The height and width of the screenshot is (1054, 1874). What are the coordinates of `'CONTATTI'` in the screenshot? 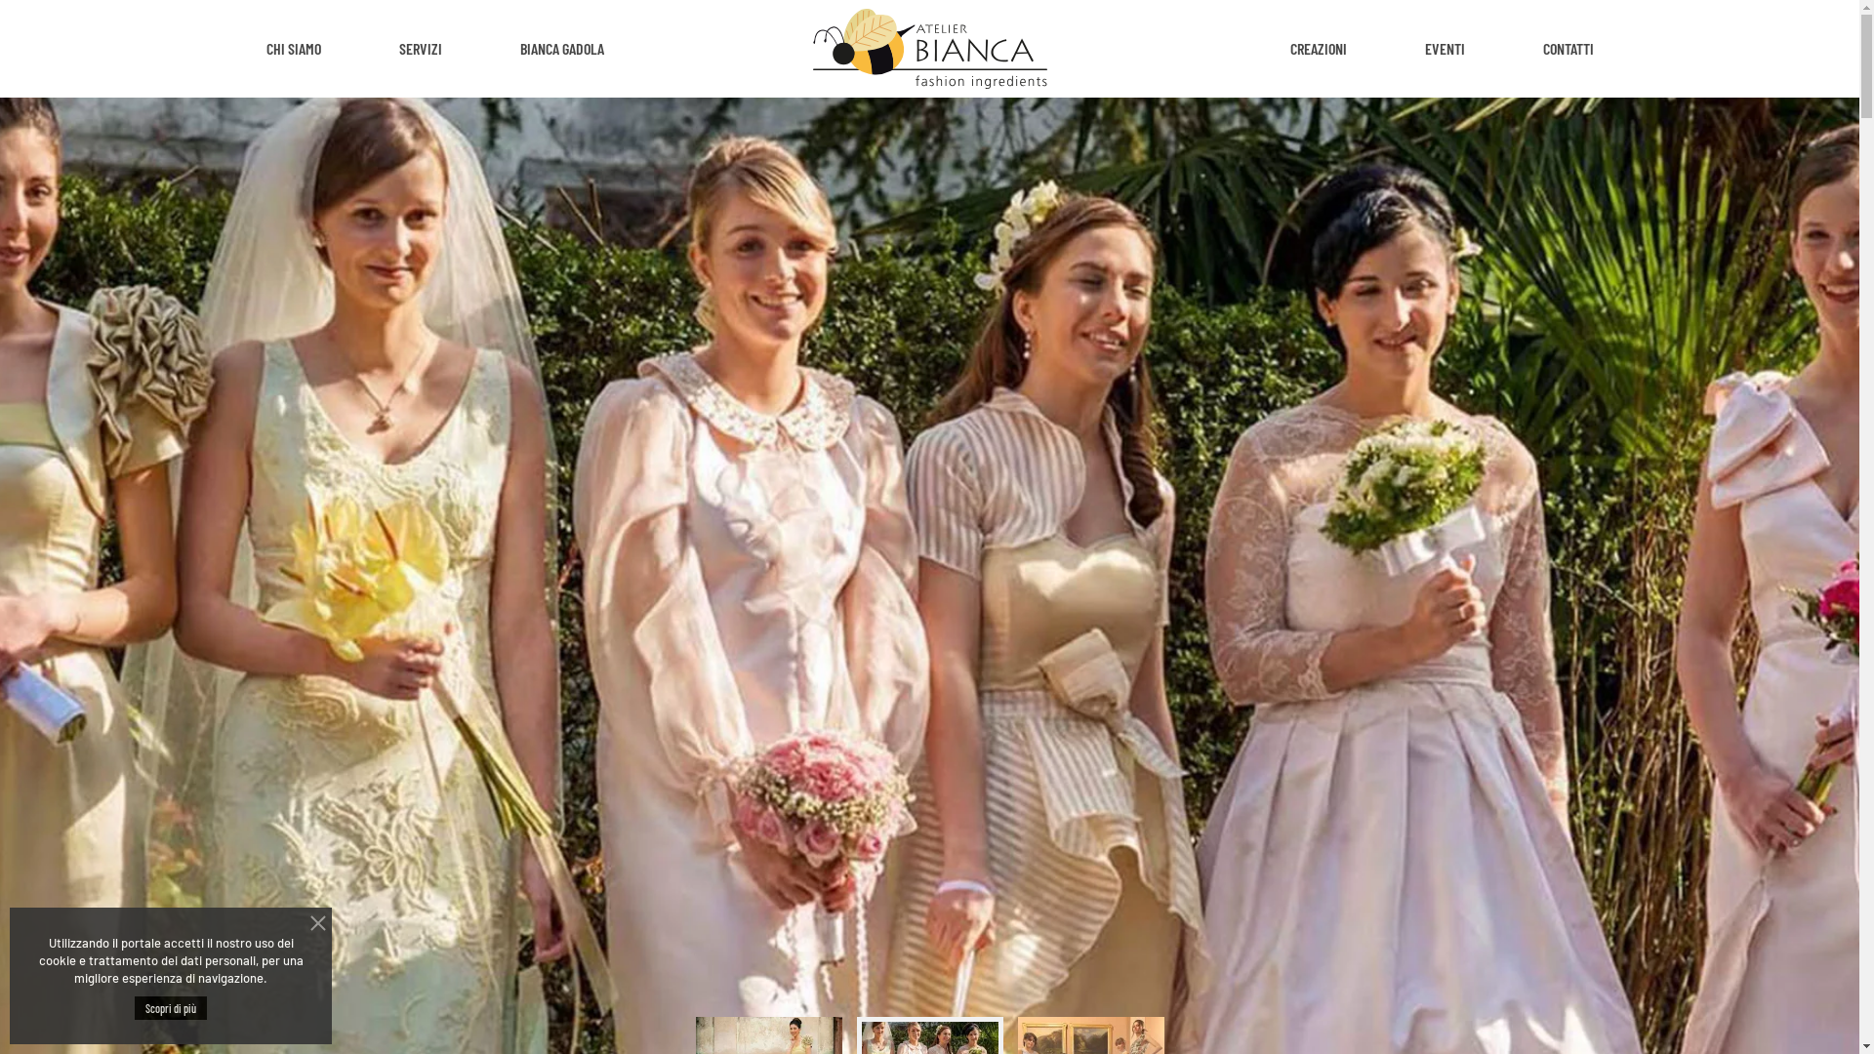 It's located at (1568, 48).